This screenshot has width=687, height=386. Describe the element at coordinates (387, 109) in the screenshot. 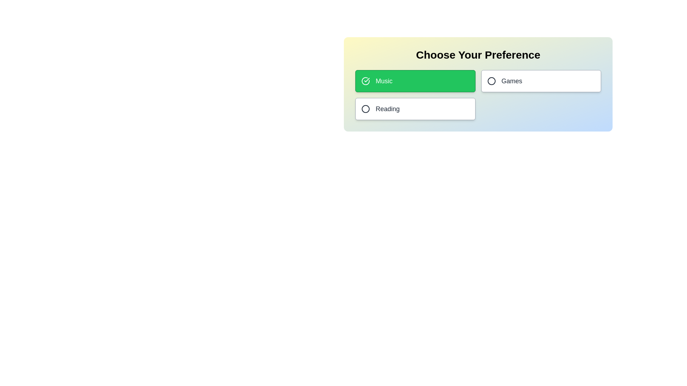

I see `the text label displaying 'Reading', which is located to the right of the radio button in the selectable option area below 'Music' and 'Games'` at that location.